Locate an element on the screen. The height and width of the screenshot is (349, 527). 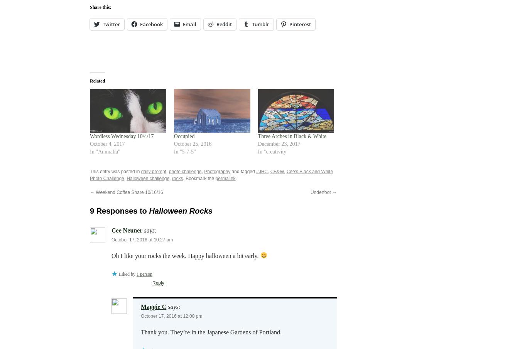
'Oh I like your rocks the week.  Happy halloween a bit early.' is located at coordinates (186, 255).